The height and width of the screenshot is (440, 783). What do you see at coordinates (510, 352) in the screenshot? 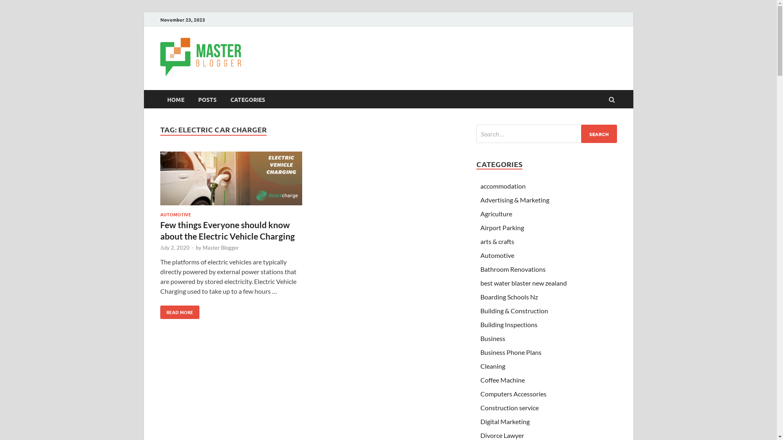
I see `'Business Phone Plans'` at bounding box center [510, 352].